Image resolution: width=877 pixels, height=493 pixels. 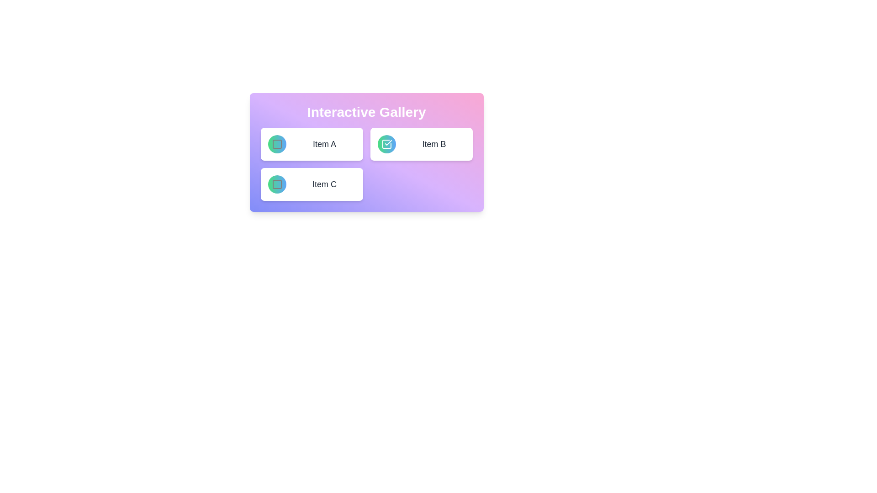 I want to click on the text element that labels a specific list item, which is located within the second card from the top, positioned to the right of a circular icon with a gradient background, so click(x=324, y=144).